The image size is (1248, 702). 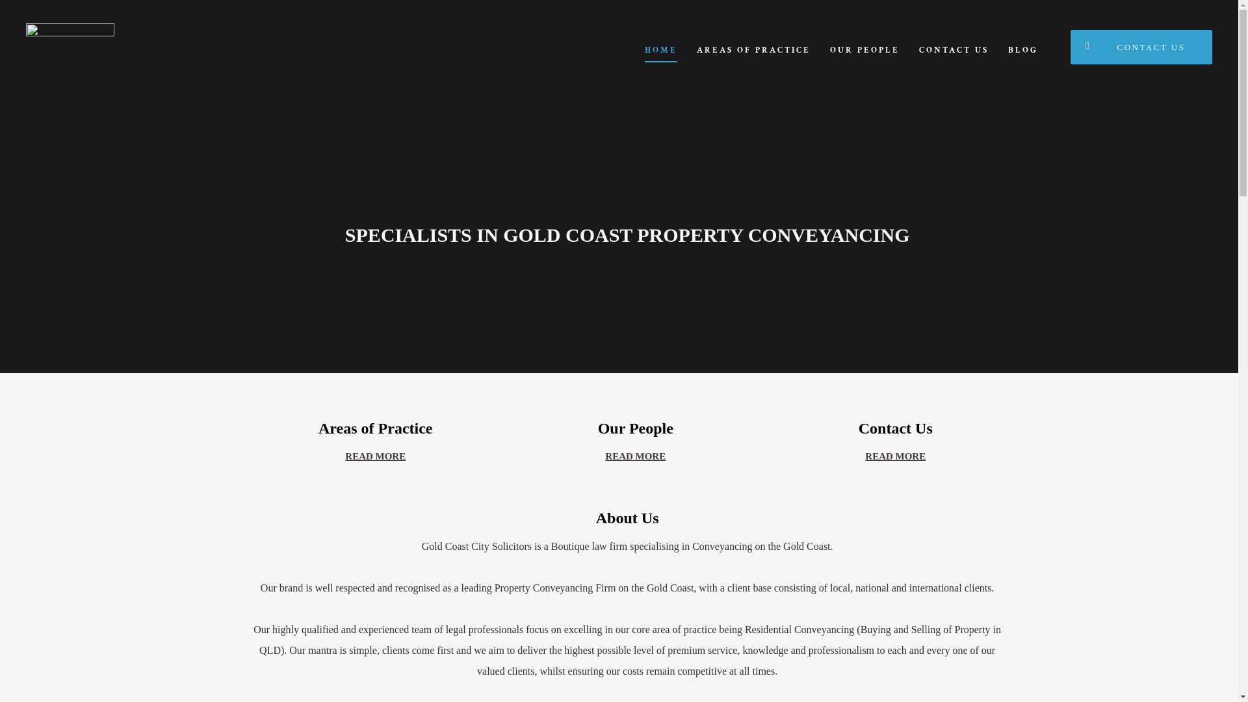 What do you see at coordinates (374, 456) in the screenshot?
I see `'READ MORE'` at bounding box center [374, 456].